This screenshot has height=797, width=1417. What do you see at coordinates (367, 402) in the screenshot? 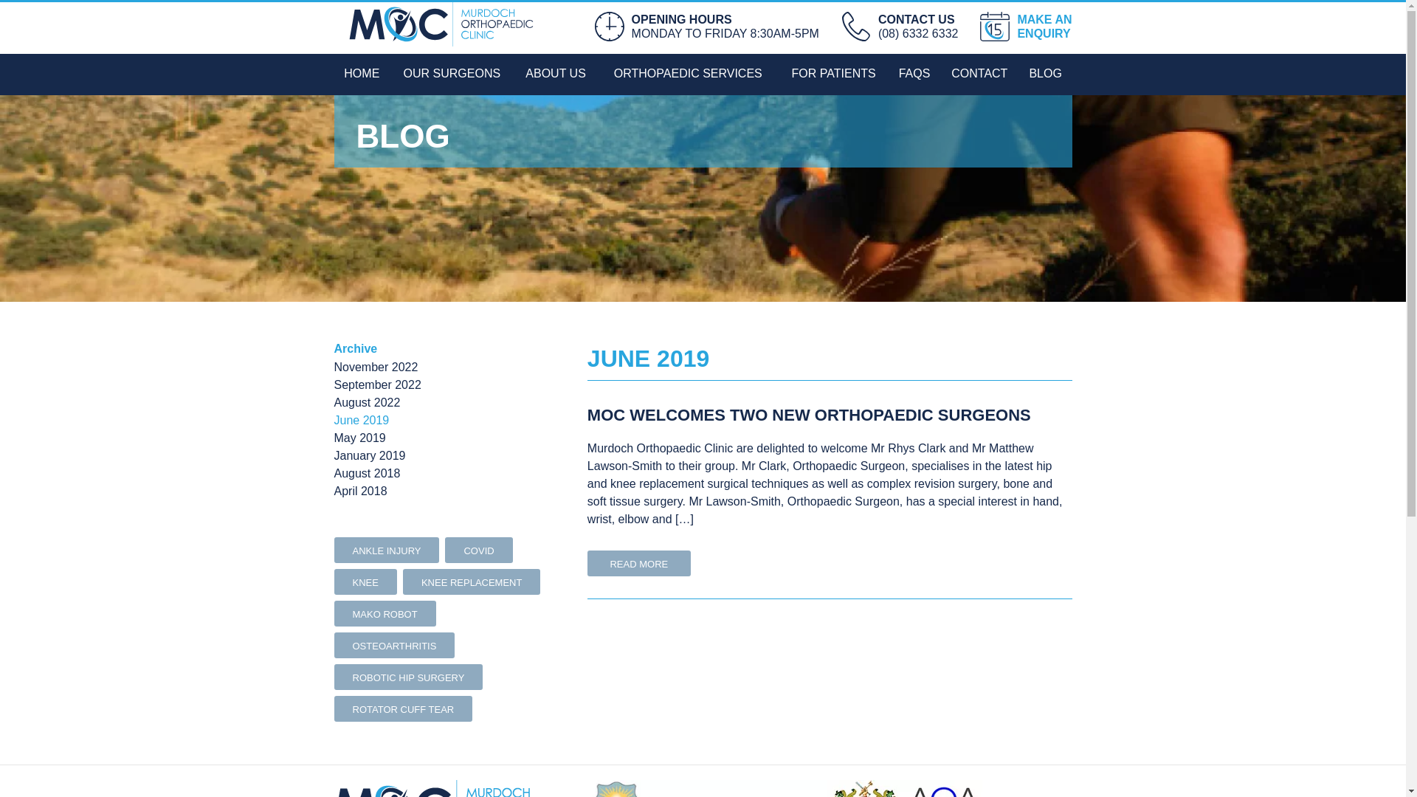
I see `'August 2022'` at bounding box center [367, 402].